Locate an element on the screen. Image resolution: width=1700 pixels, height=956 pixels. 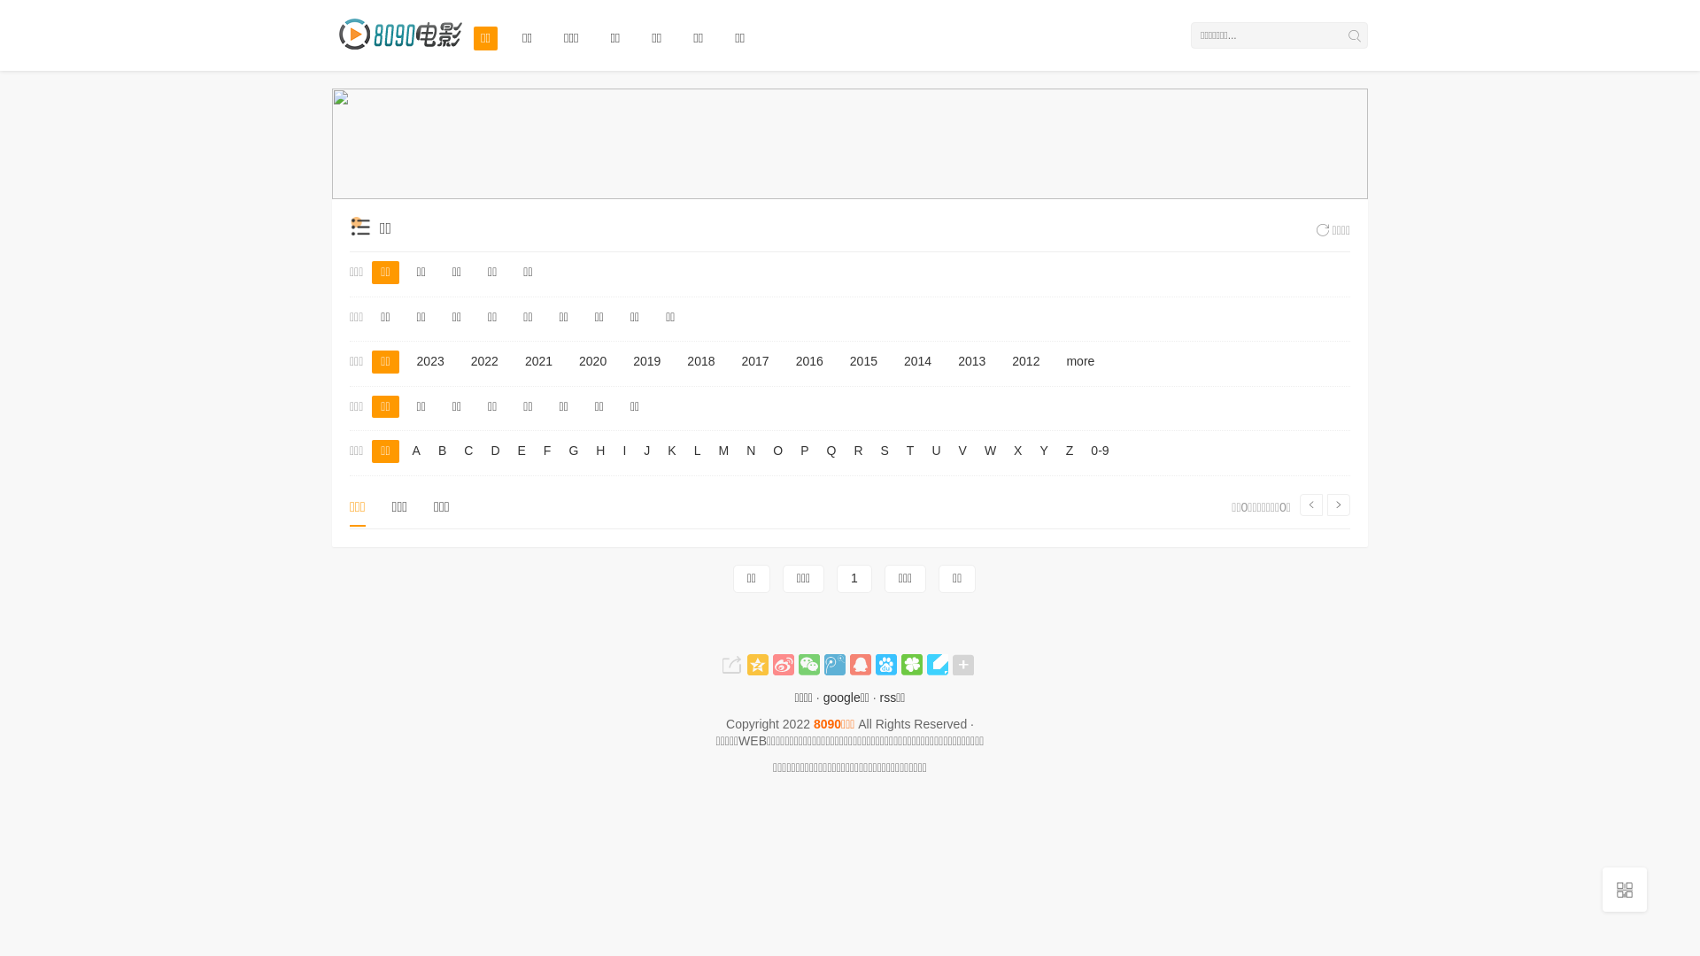
'1' is located at coordinates (854, 579).